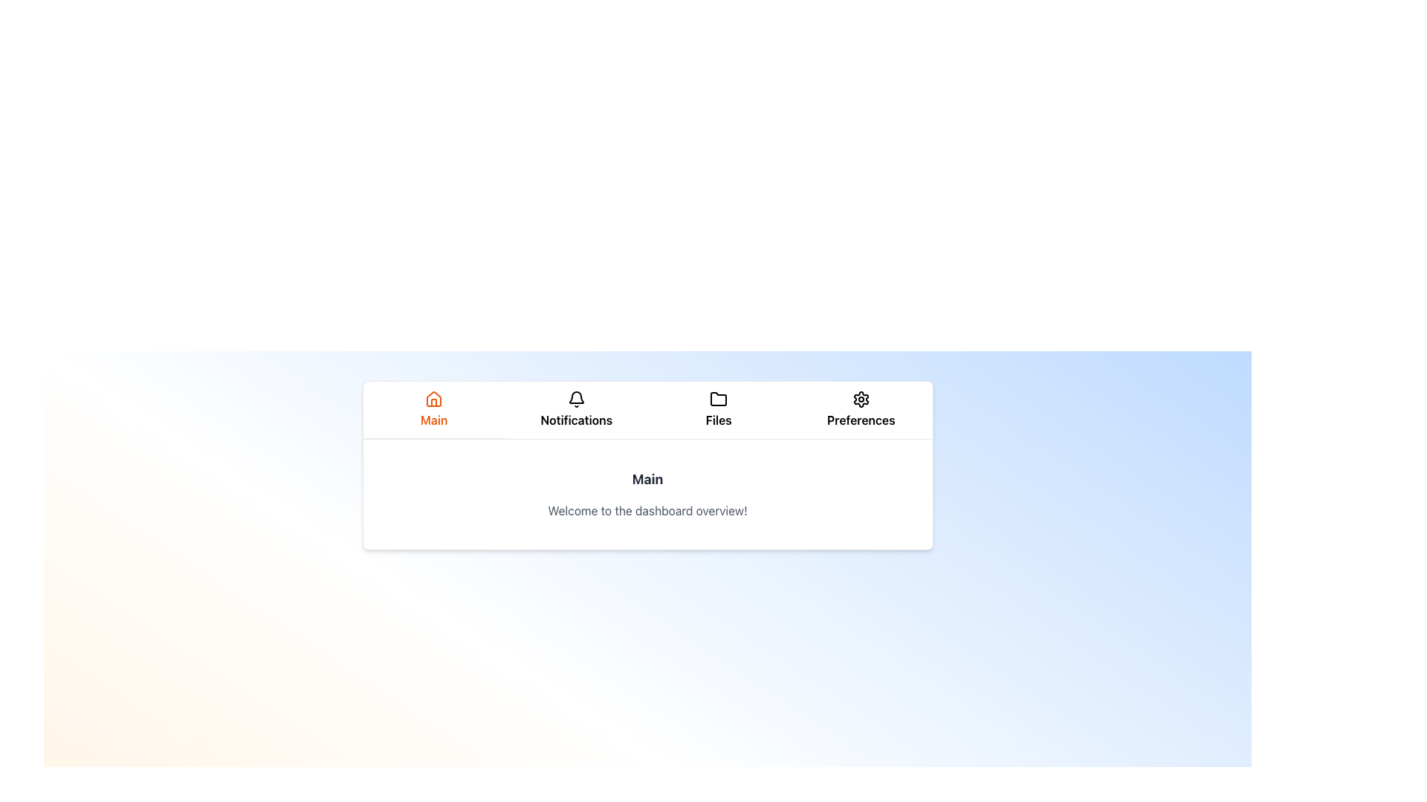 The width and height of the screenshot is (1427, 802). Describe the element at coordinates (861, 410) in the screenshot. I see `the fourth menu item in the horizontal navigation bar, which serves as a link` at that location.